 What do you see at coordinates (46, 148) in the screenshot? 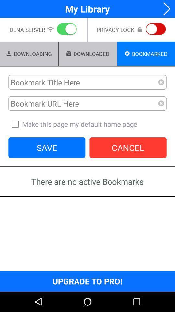
I see `button next to cancel item` at bounding box center [46, 148].